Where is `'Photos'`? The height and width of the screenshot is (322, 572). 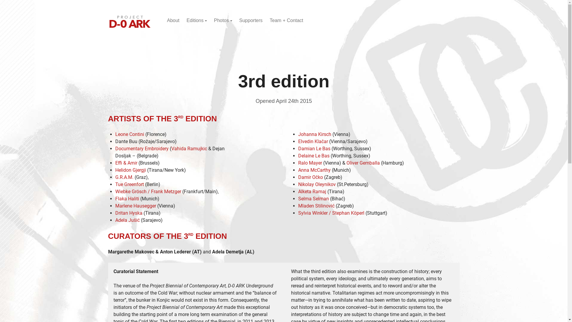 'Photos' is located at coordinates (223, 20).